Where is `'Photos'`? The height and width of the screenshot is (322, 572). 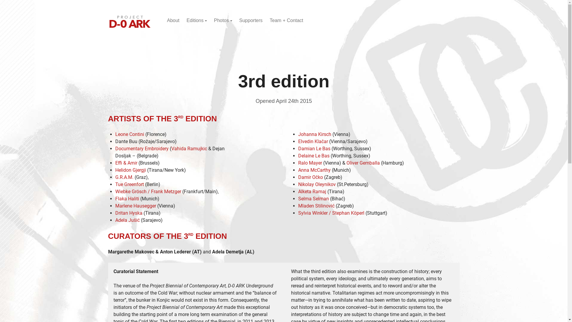 'Photos' is located at coordinates (223, 20).